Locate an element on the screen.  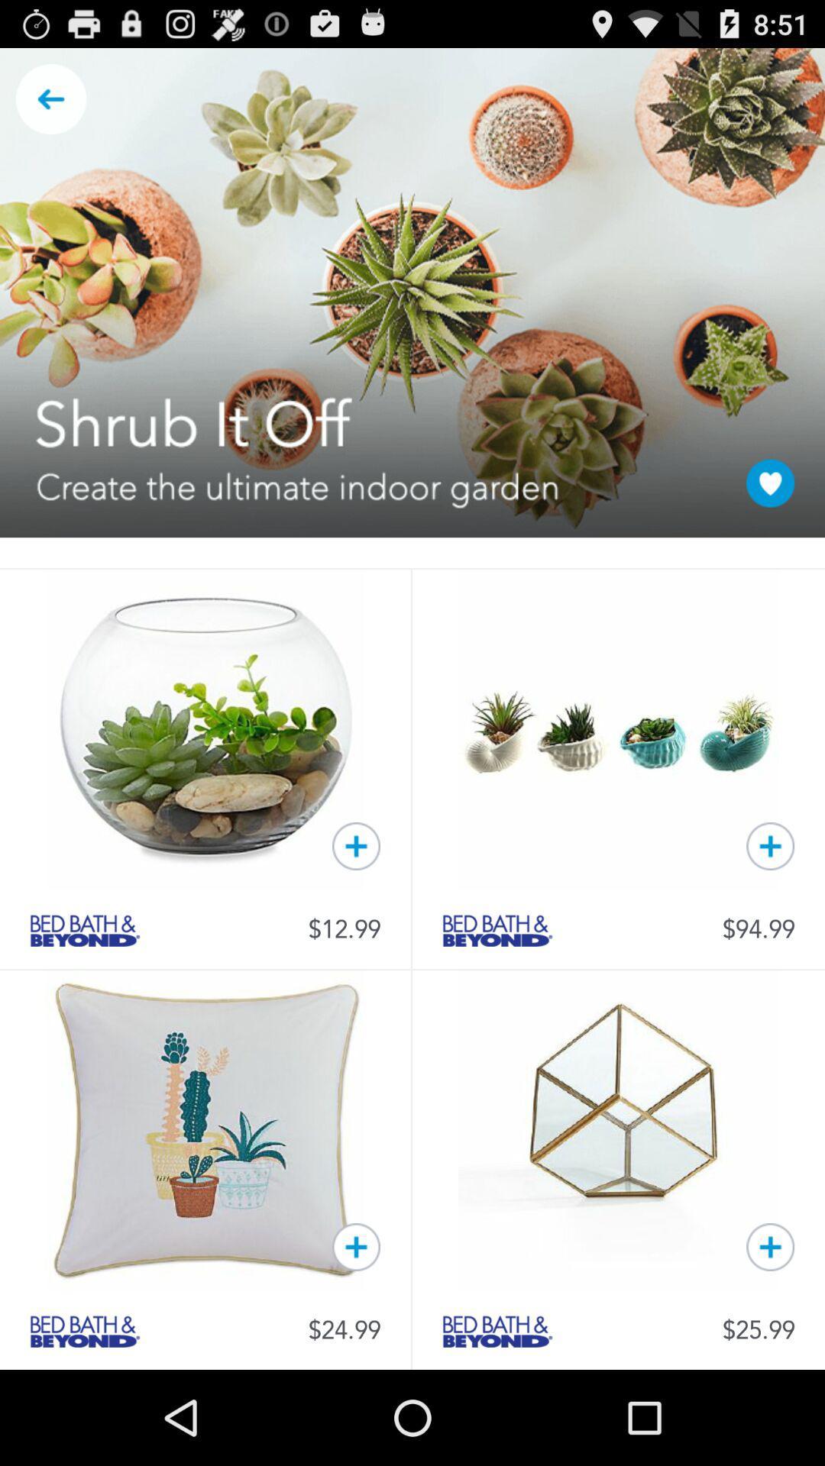
product is located at coordinates (497, 1331).